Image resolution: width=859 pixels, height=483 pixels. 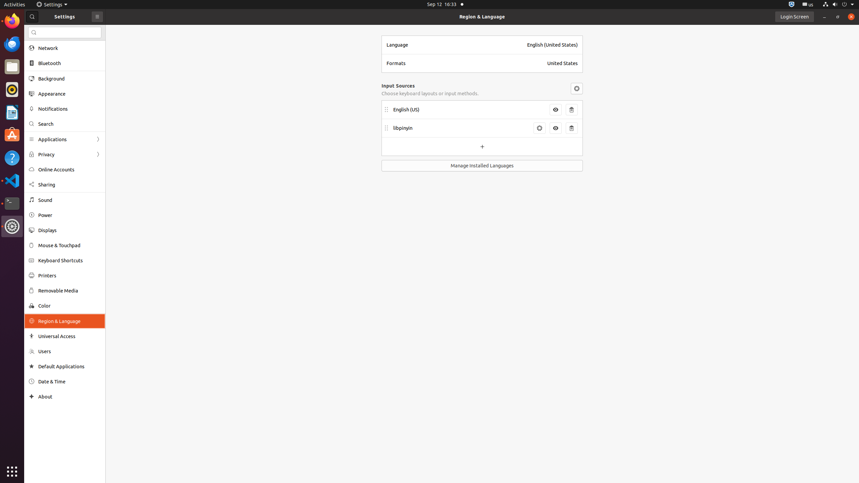 I want to click on 'Manage Installed Languages', so click(x=482, y=166).